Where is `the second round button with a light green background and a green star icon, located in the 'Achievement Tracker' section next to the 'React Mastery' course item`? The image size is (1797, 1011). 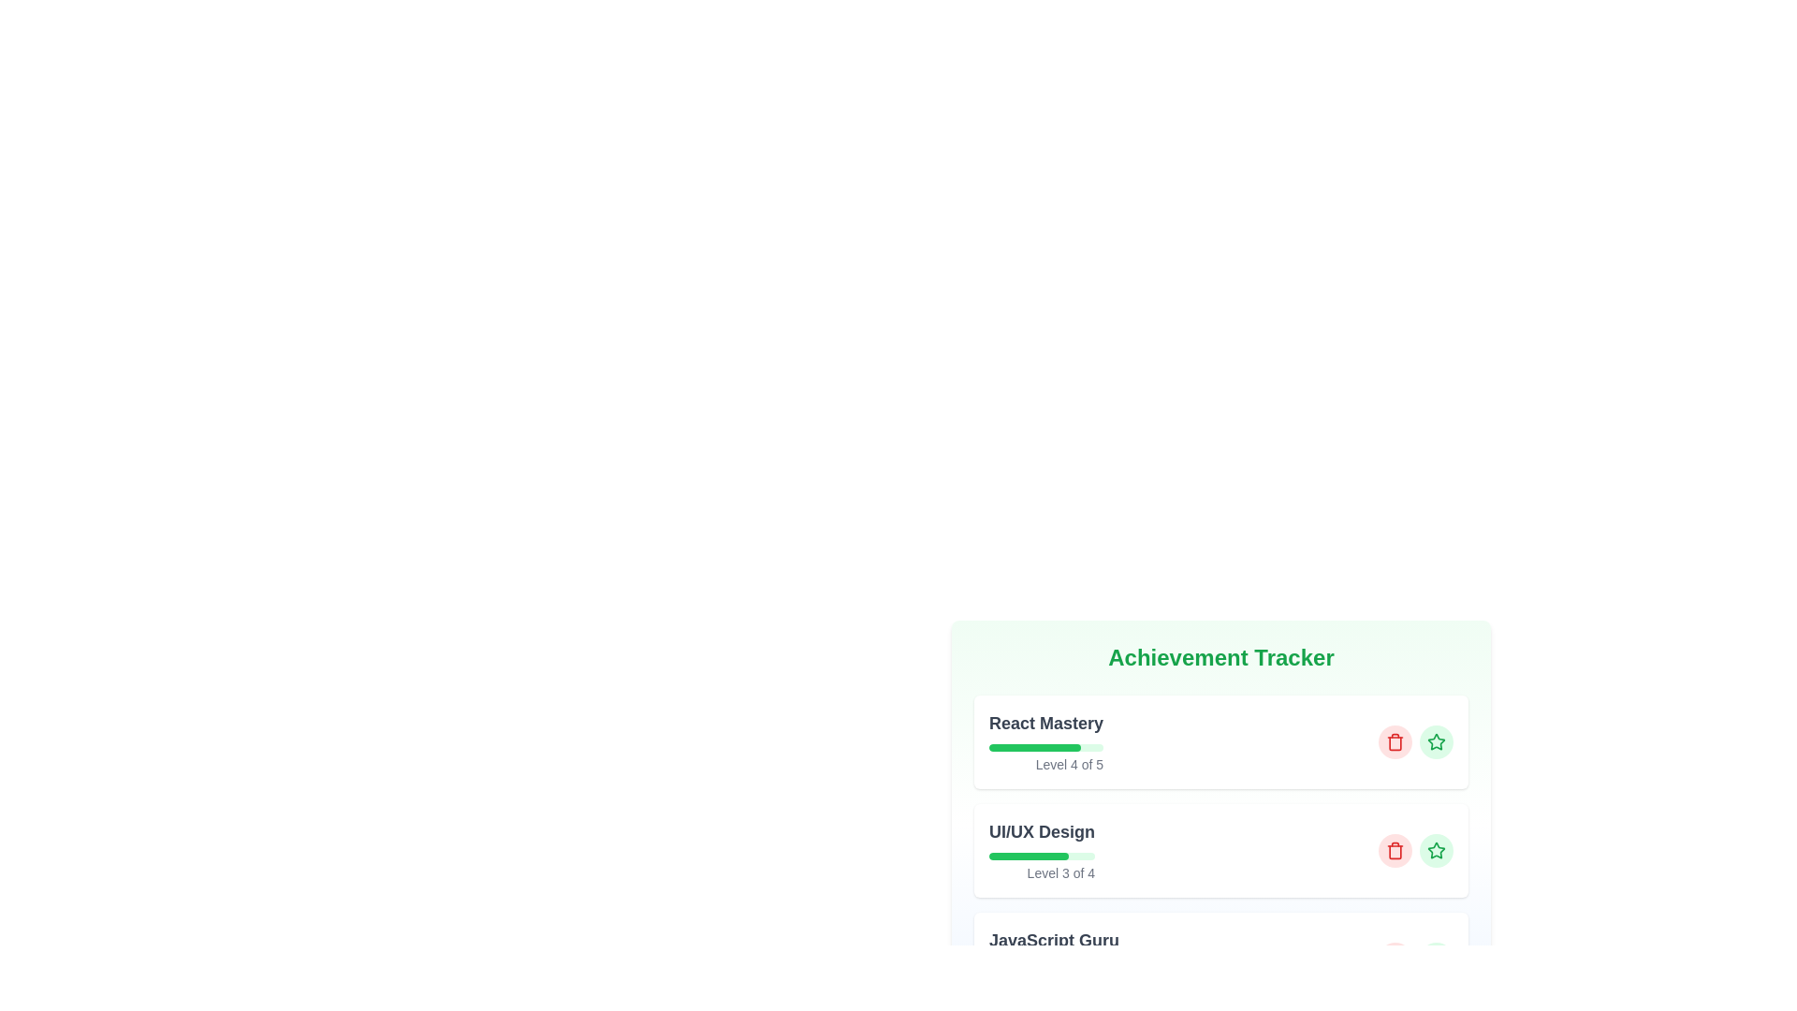
the second round button with a light green background and a green star icon, located in the 'Achievement Tracker' section next to the 'React Mastery' course item is located at coordinates (1436, 741).